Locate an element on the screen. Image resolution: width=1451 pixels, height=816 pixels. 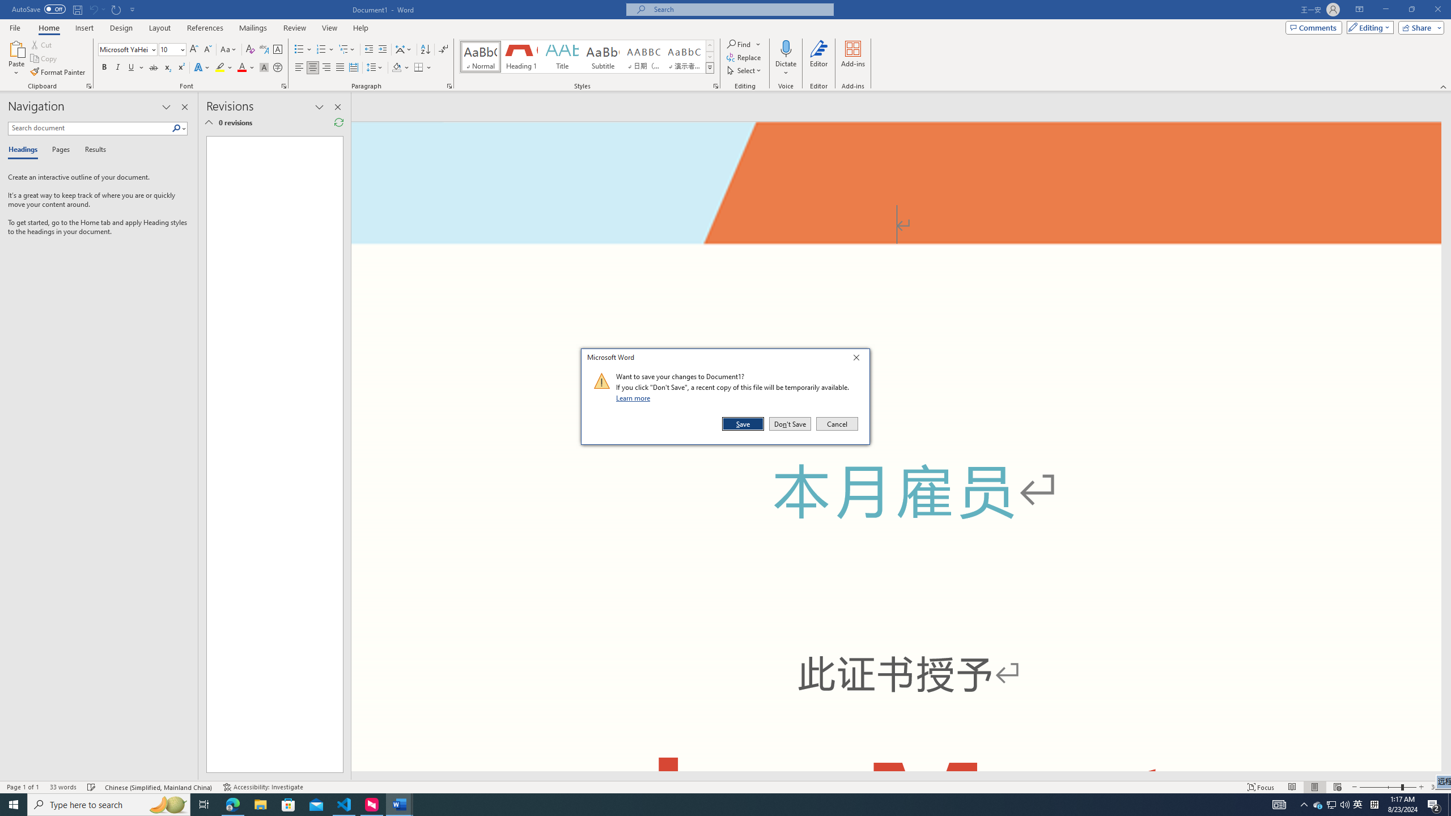
'Copy' is located at coordinates (44, 58).